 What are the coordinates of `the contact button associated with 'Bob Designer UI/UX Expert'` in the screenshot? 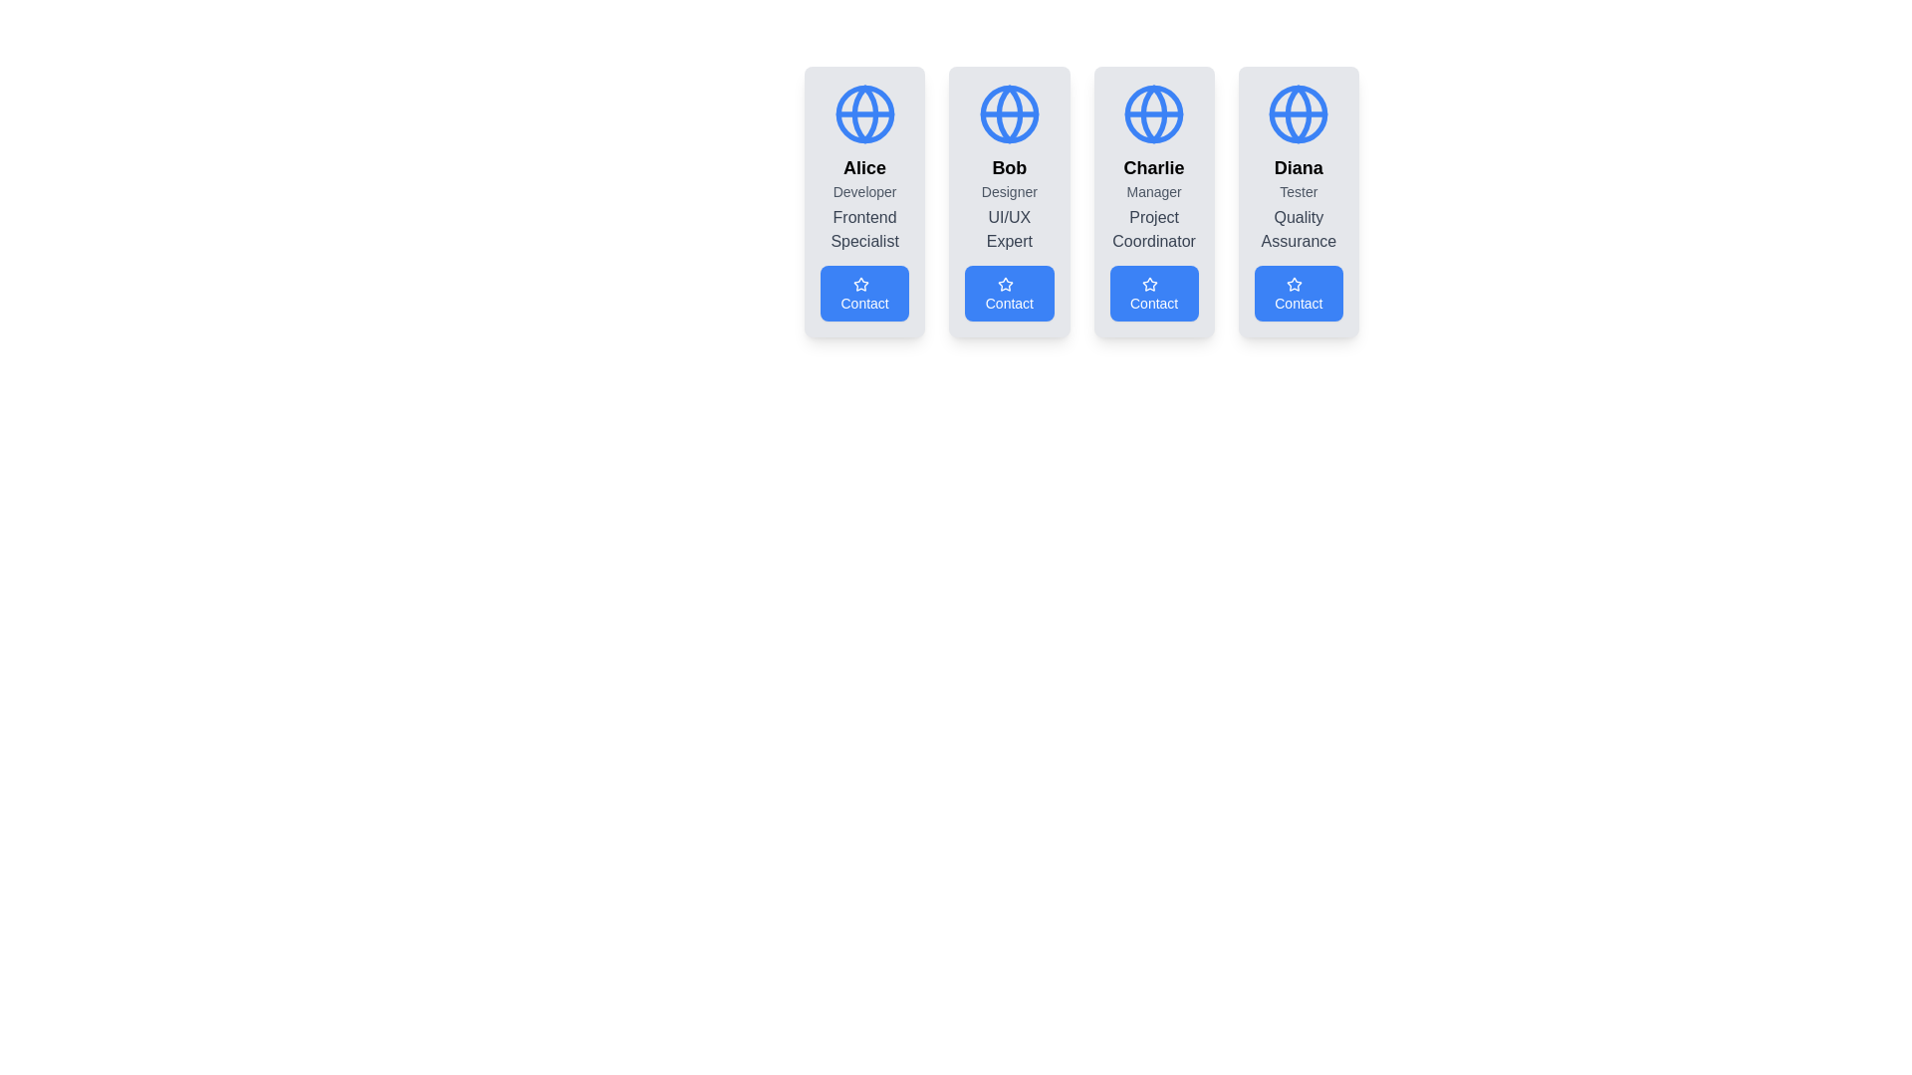 It's located at (1009, 293).